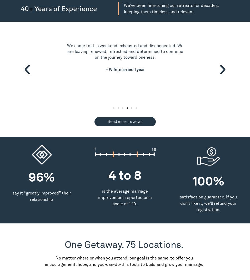  Describe the element at coordinates (208, 181) in the screenshot. I see `'100%'` at that location.